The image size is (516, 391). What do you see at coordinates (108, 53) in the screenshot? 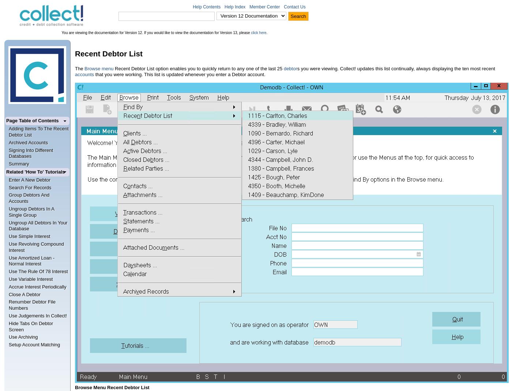
I see `'Recent Debtor List'` at bounding box center [108, 53].